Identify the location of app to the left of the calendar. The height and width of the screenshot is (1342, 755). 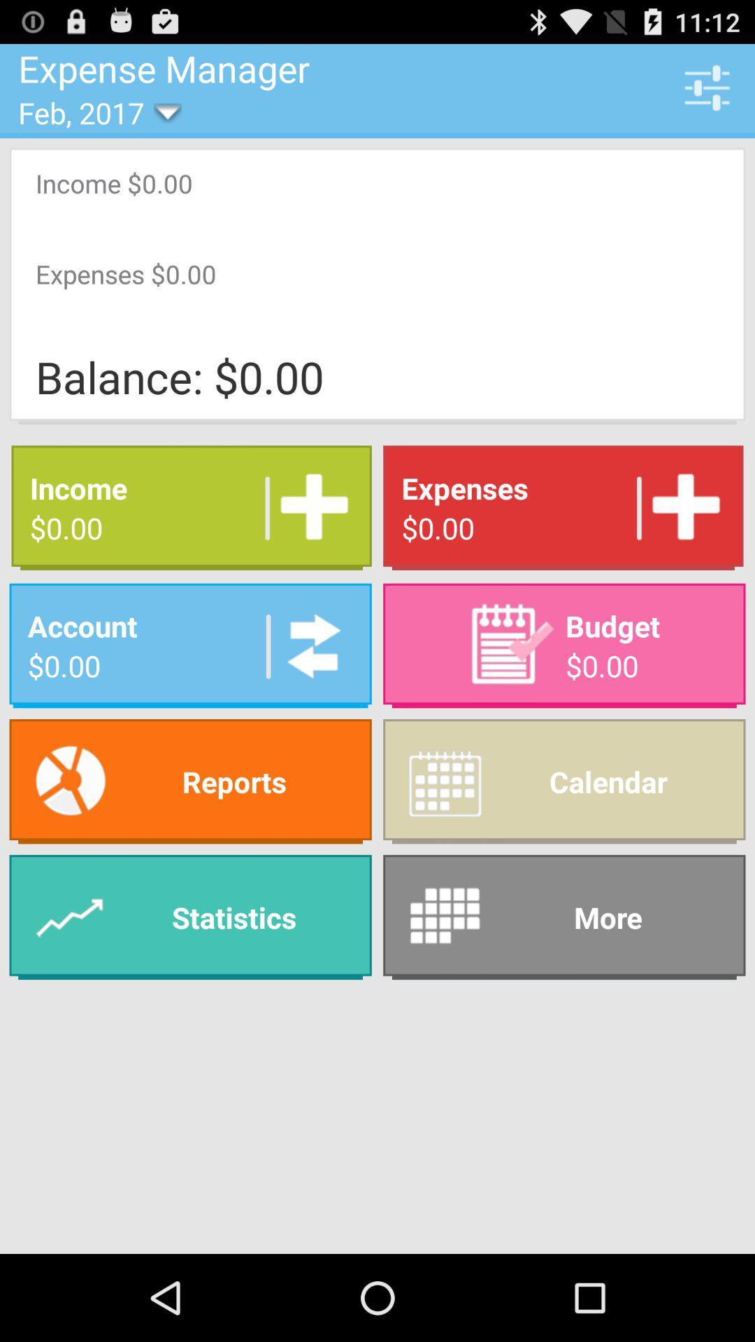
(190, 917).